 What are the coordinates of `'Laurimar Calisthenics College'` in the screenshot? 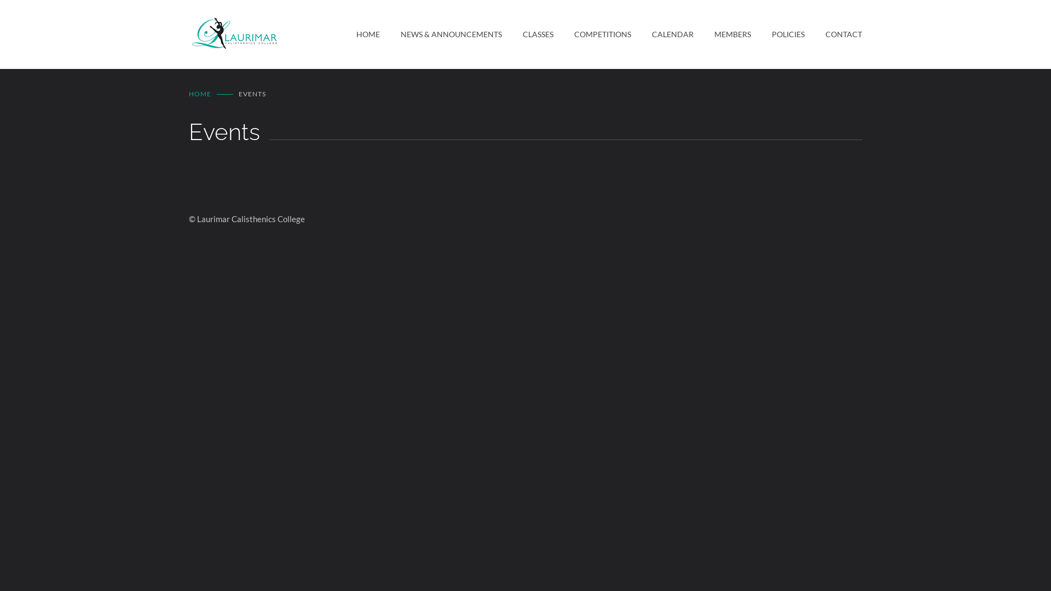 It's located at (273, 33).